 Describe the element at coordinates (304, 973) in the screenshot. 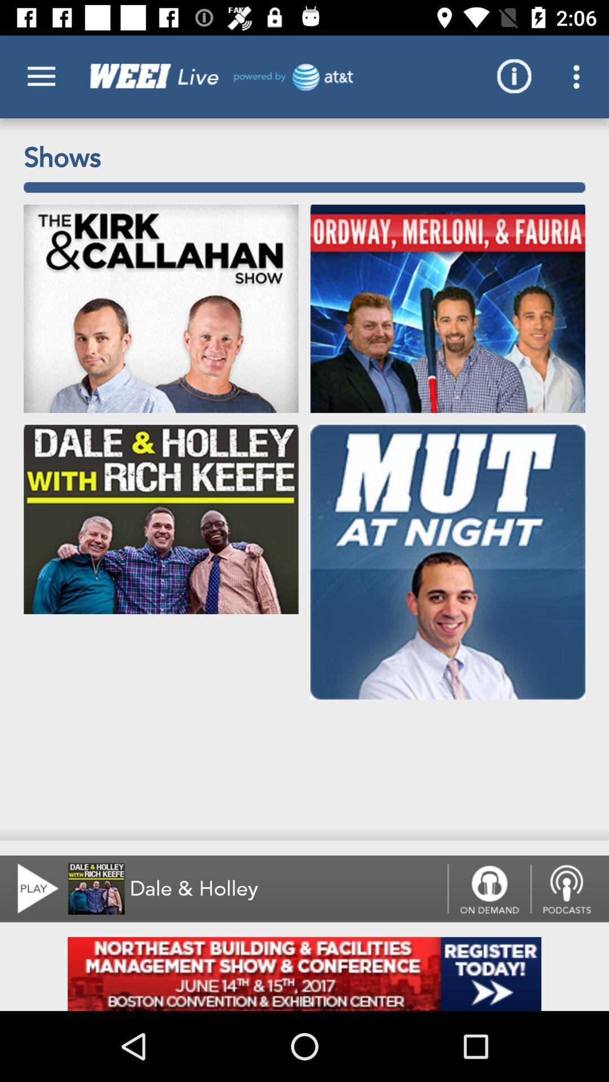

I see `advertiser` at that location.